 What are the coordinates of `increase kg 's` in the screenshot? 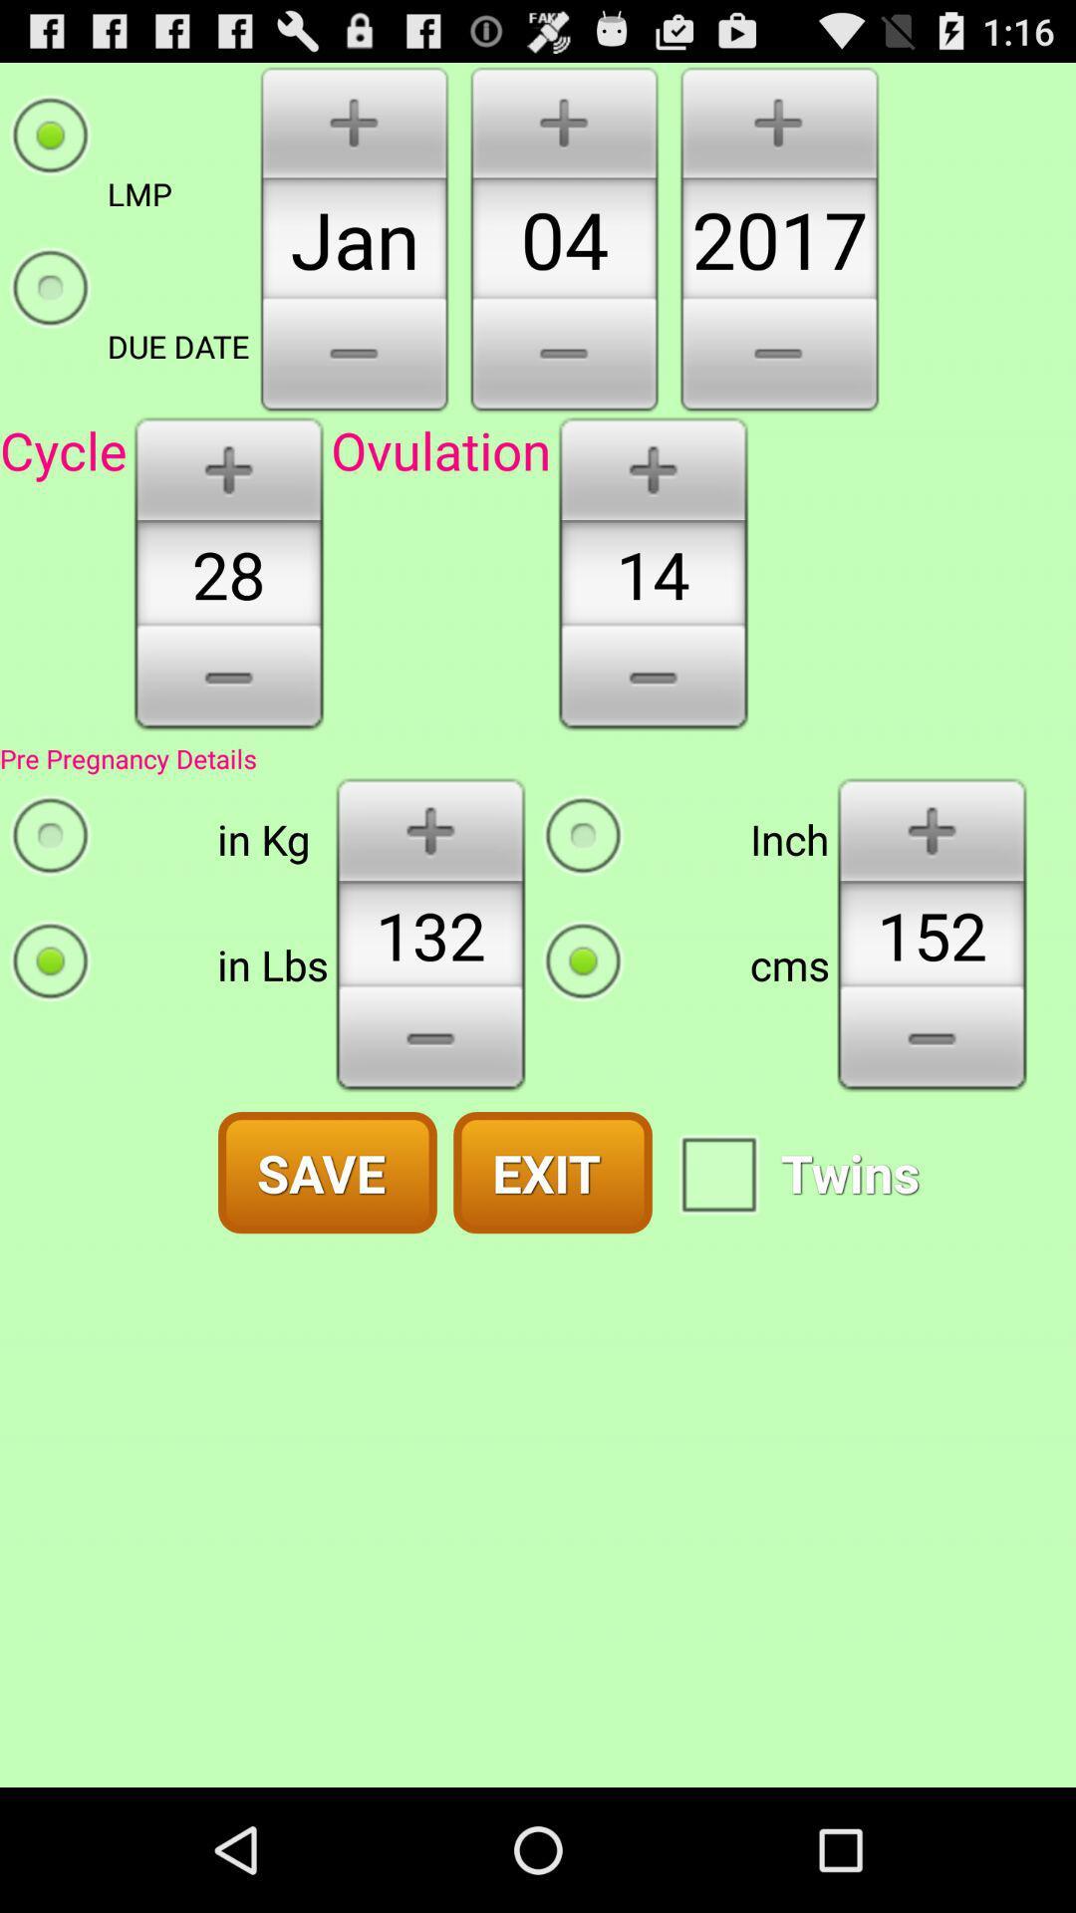 It's located at (429, 828).